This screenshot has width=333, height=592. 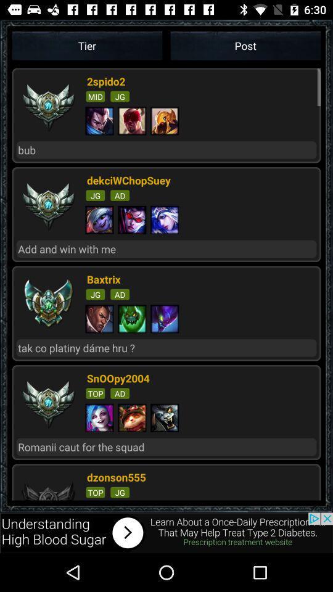 What do you see at coordinates (166, 532) in the screenshot?
I see `search about add` at bounding box center [166, 532].